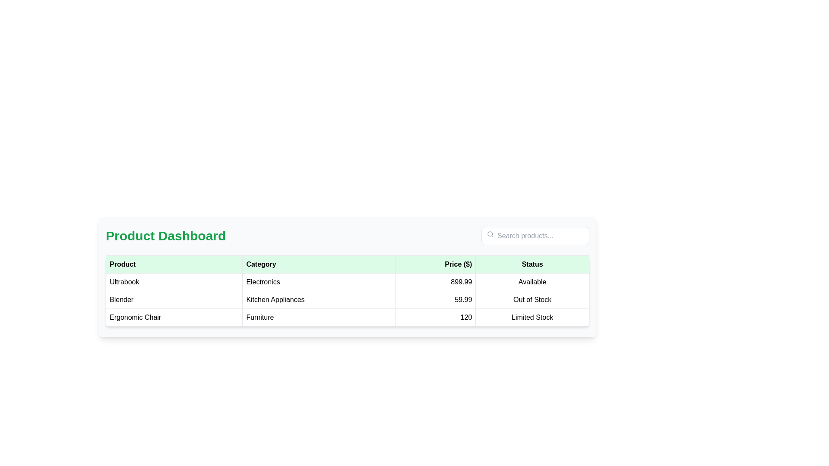  What do you see at coordinates (348, 299) in the screenshot?
I see `the second row of the table displaying product information, which includes details such as name, category, price, and availability status under the 'Product Dashboard' title` at bounding box center [348, 299].